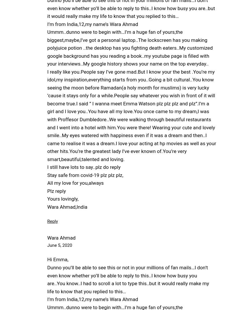 The height and width of the screenshot is (310, 245). Describe the element at coordinates (131, 115) in the screenshot. I see `'I really like you.People say I’ve gone mad.But I know your the best .You’re my idol,my inspiration,everything starts from you..Going a bit cultural..You know seeing the moon before Ramadan(a holy month for muslims) is very lucky ’cause it stays only for a while.People say whatever you wish in front of it will become true.I said ” I wanna meet Emma Watson plz plz plz and plz”.I’m a girl and I love you..You have all my love.You once came to my dream,I was with Proffesor Dumbledore..We were walking through beautiful restaurants and I went into a hotel with him.You were there! Wearing your cute and lovely smile..My eyes watered with happiness even if it was a dream and then..I came to realise it was a dream.I love your acting at hp movies as well as your other hits.You’re the greatest lady I’ve ever known of.You’re very smart,beautiful,talented and loving.'` at that location.